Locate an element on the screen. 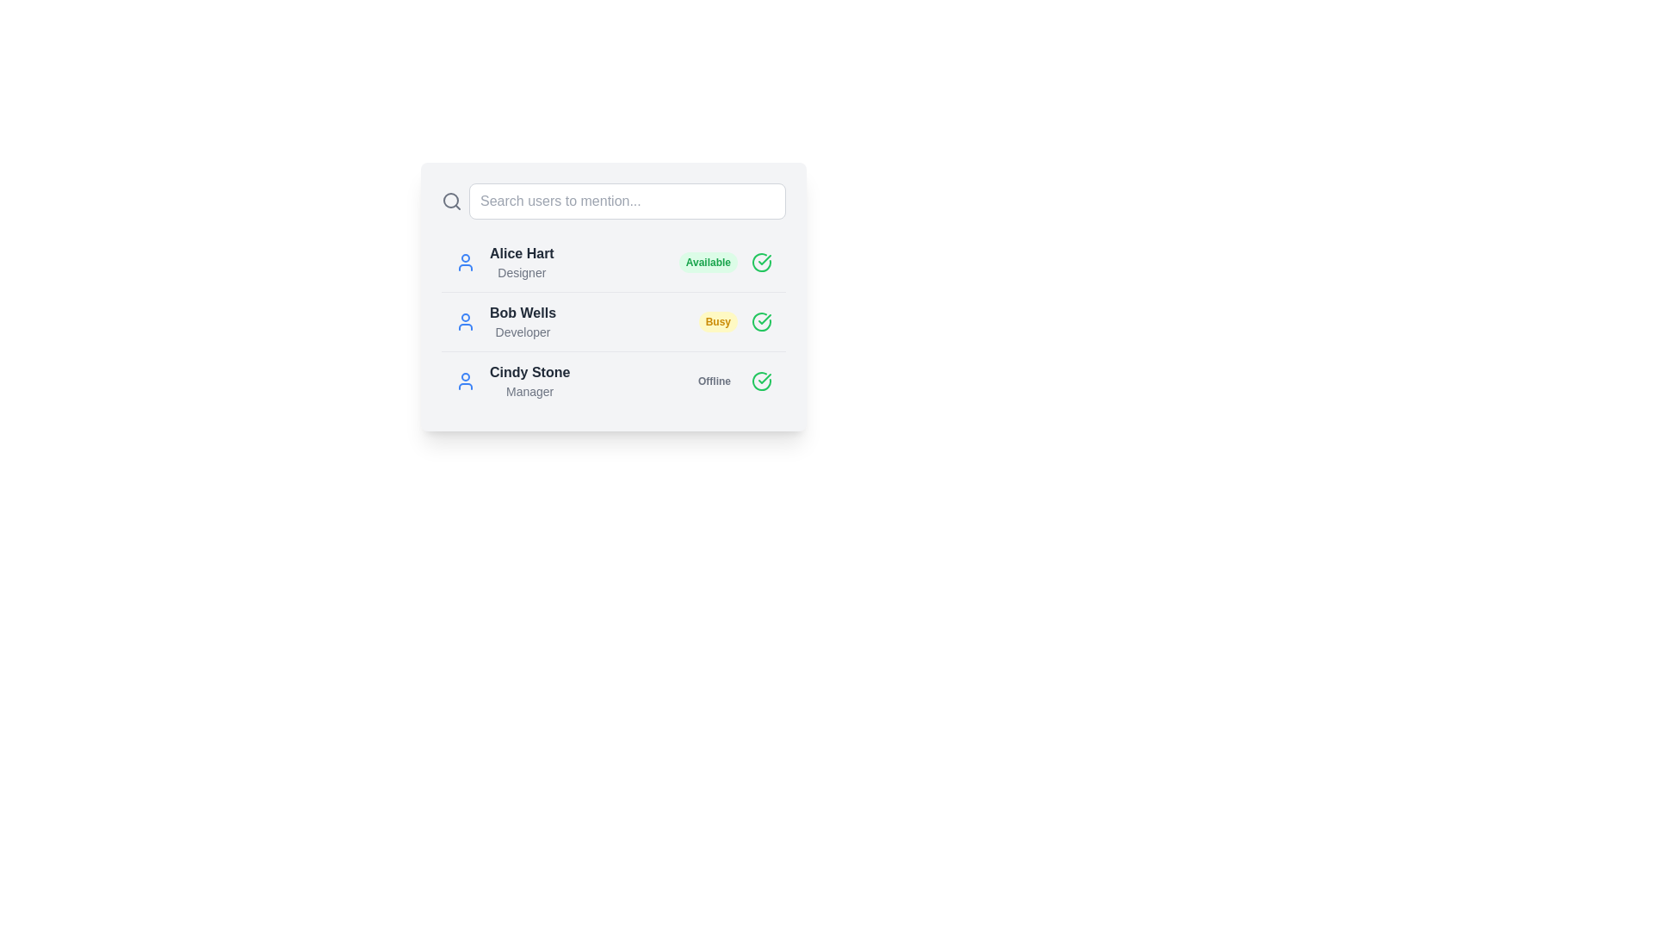 Image resolution: width=1653 pixels, height=930 pixels. the circular green checkmark icon next to the 'Available' status text for the 'Alice Hart Designer' row is located at coordinates (760, 262).